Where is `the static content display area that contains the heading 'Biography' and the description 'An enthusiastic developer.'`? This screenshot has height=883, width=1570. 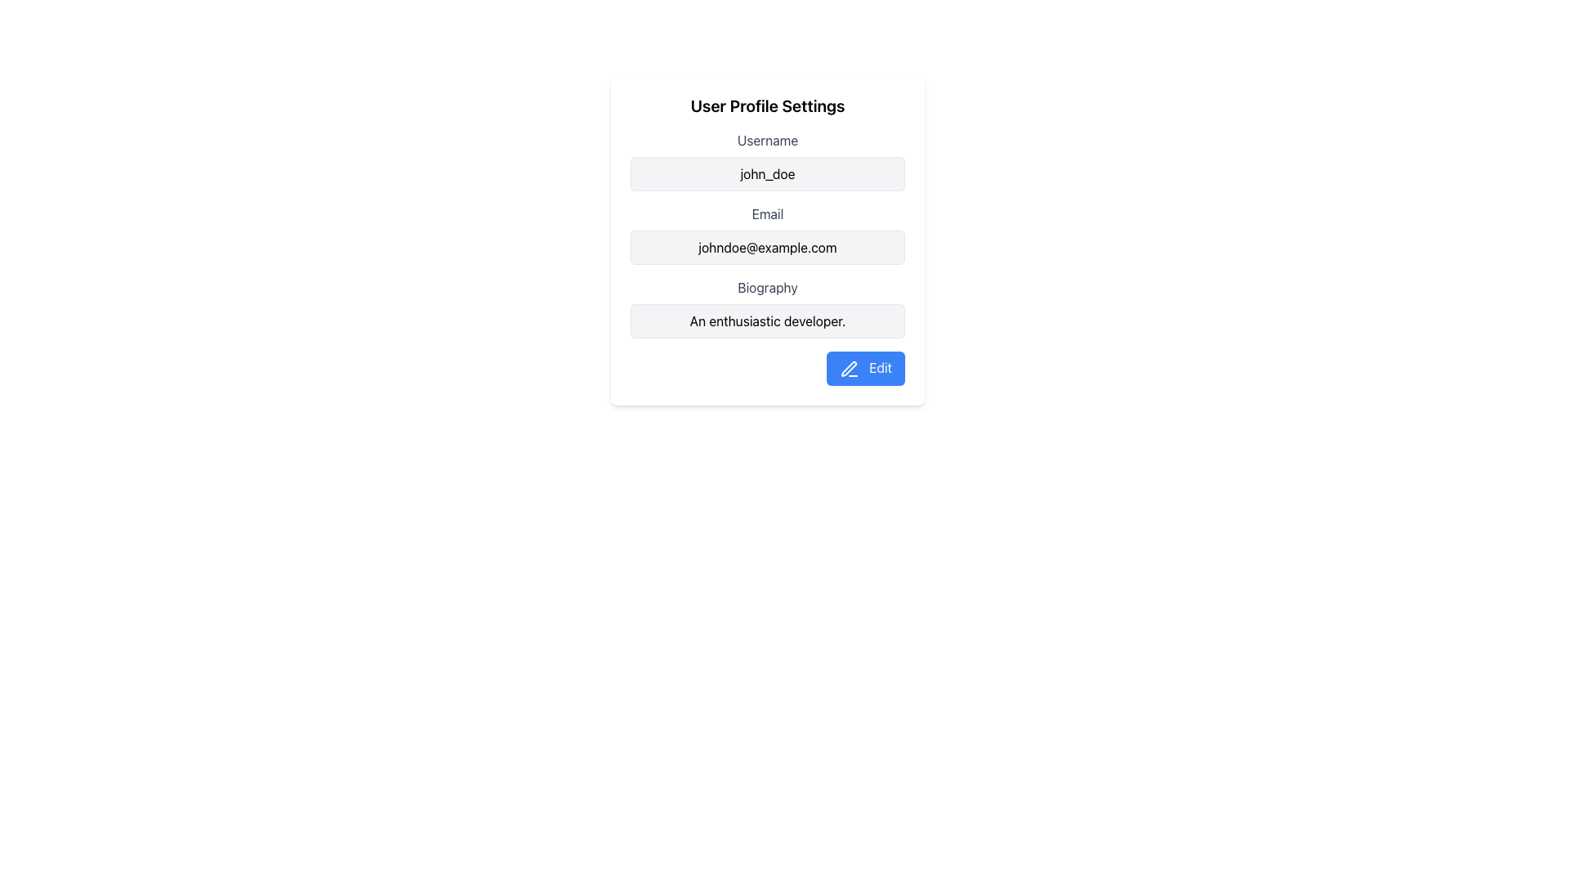
the static content display area that contains the heading 'Biography' and the description 'An enthusiastic developer.' is located at coordinates (767, 308).